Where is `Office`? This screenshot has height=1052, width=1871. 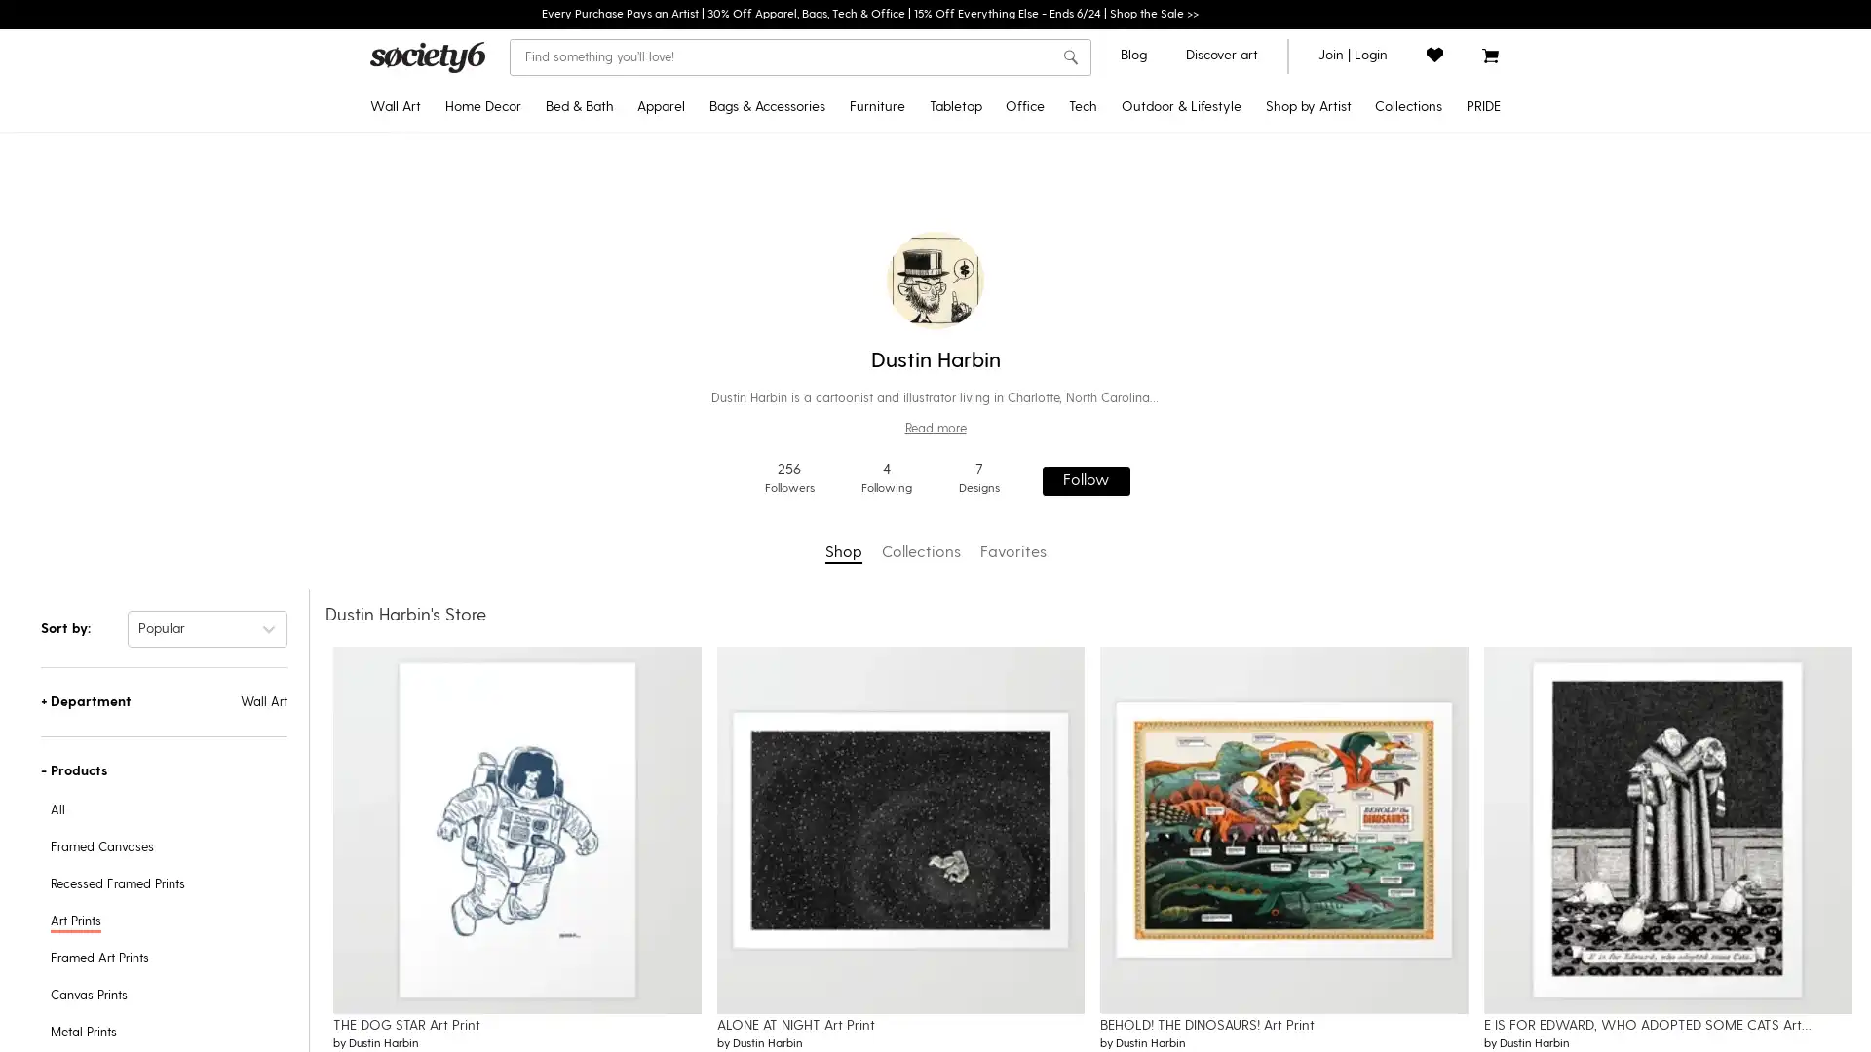 Office is located at coordinates (1023, 107).